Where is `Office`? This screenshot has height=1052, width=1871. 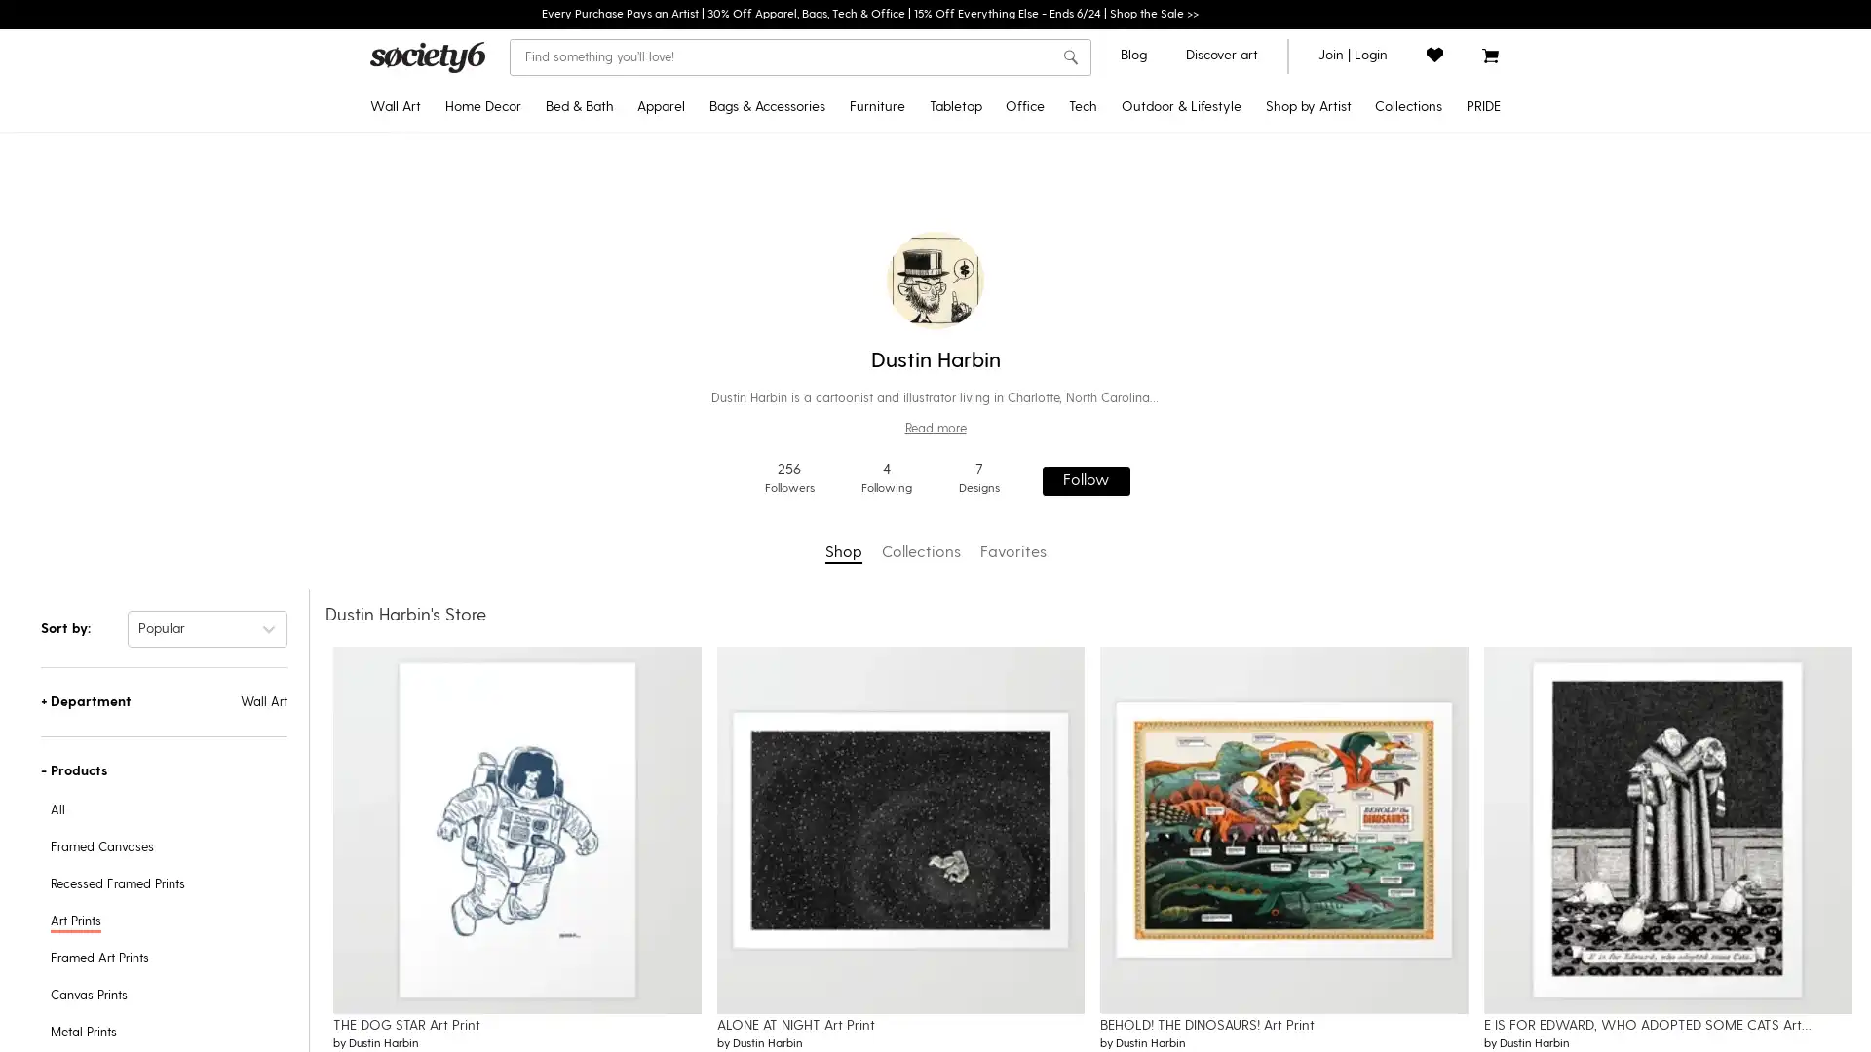 Office is located at coordinates (1023, 107).